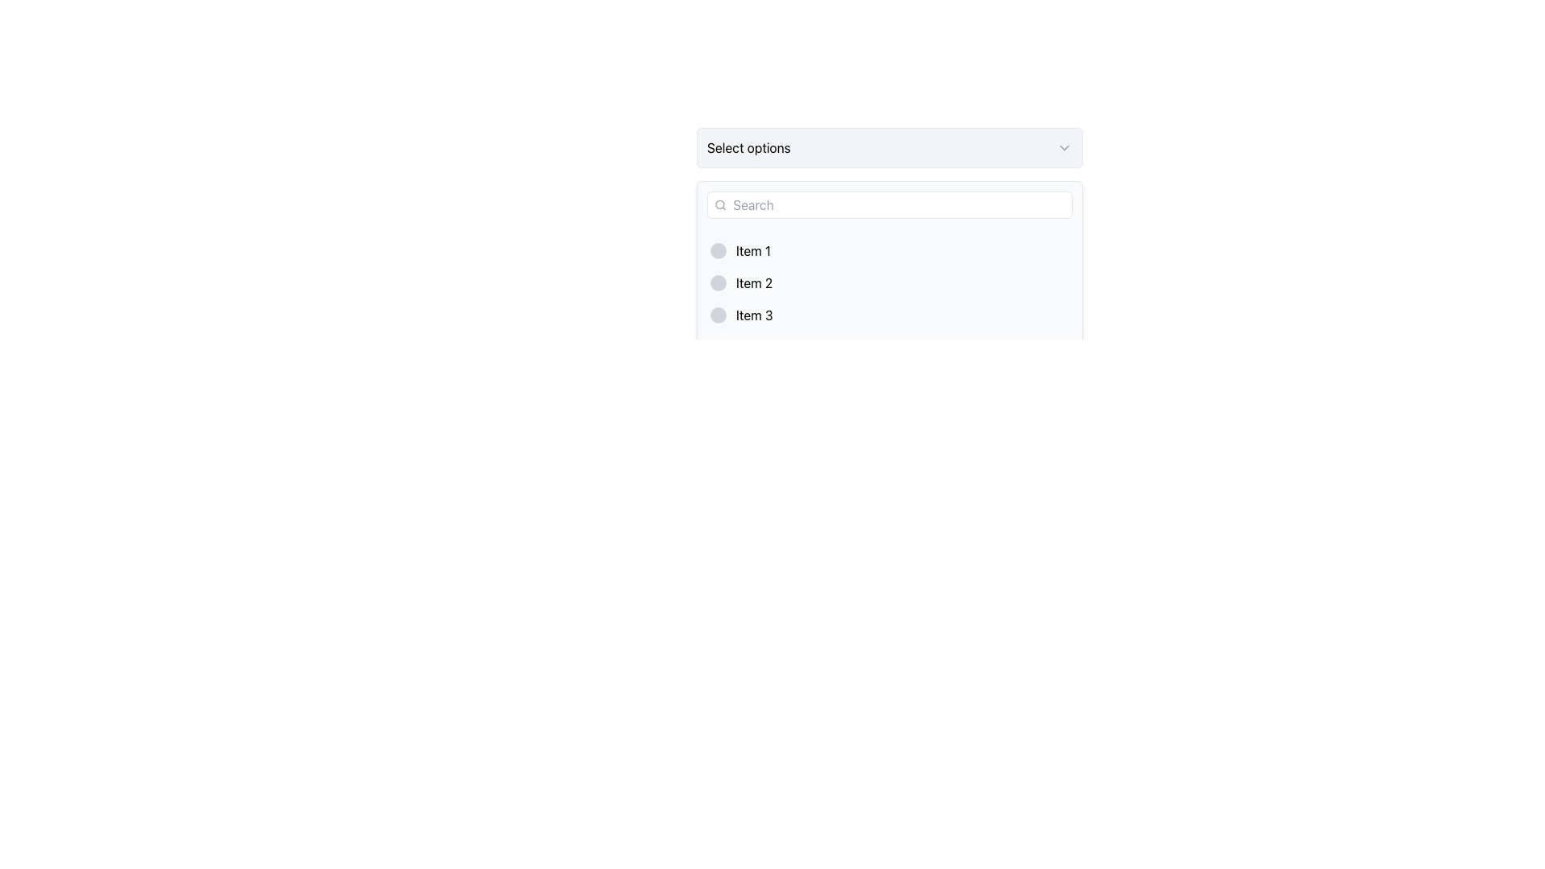 The height and width of the screenshot is (869, 1545). Describe the element at coordinates (717, 282) in the screenshot. I see `the Decorative indicator, a circular icon with a gray background and centered white text, located to the left of 'Item 2' in the selectable list` at that location.